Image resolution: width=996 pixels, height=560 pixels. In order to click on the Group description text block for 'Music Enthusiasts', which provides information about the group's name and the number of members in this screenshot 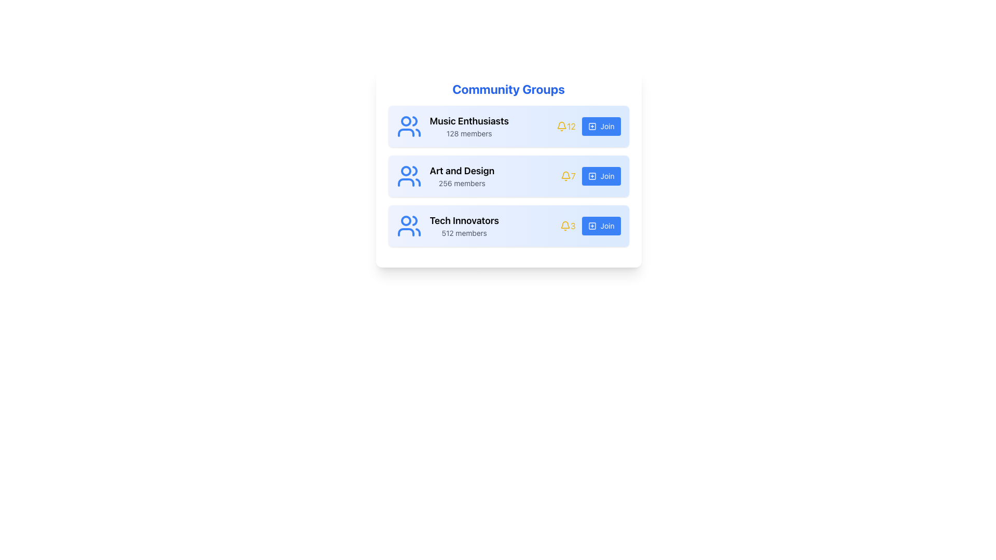, I will do `click(468, 125)`.